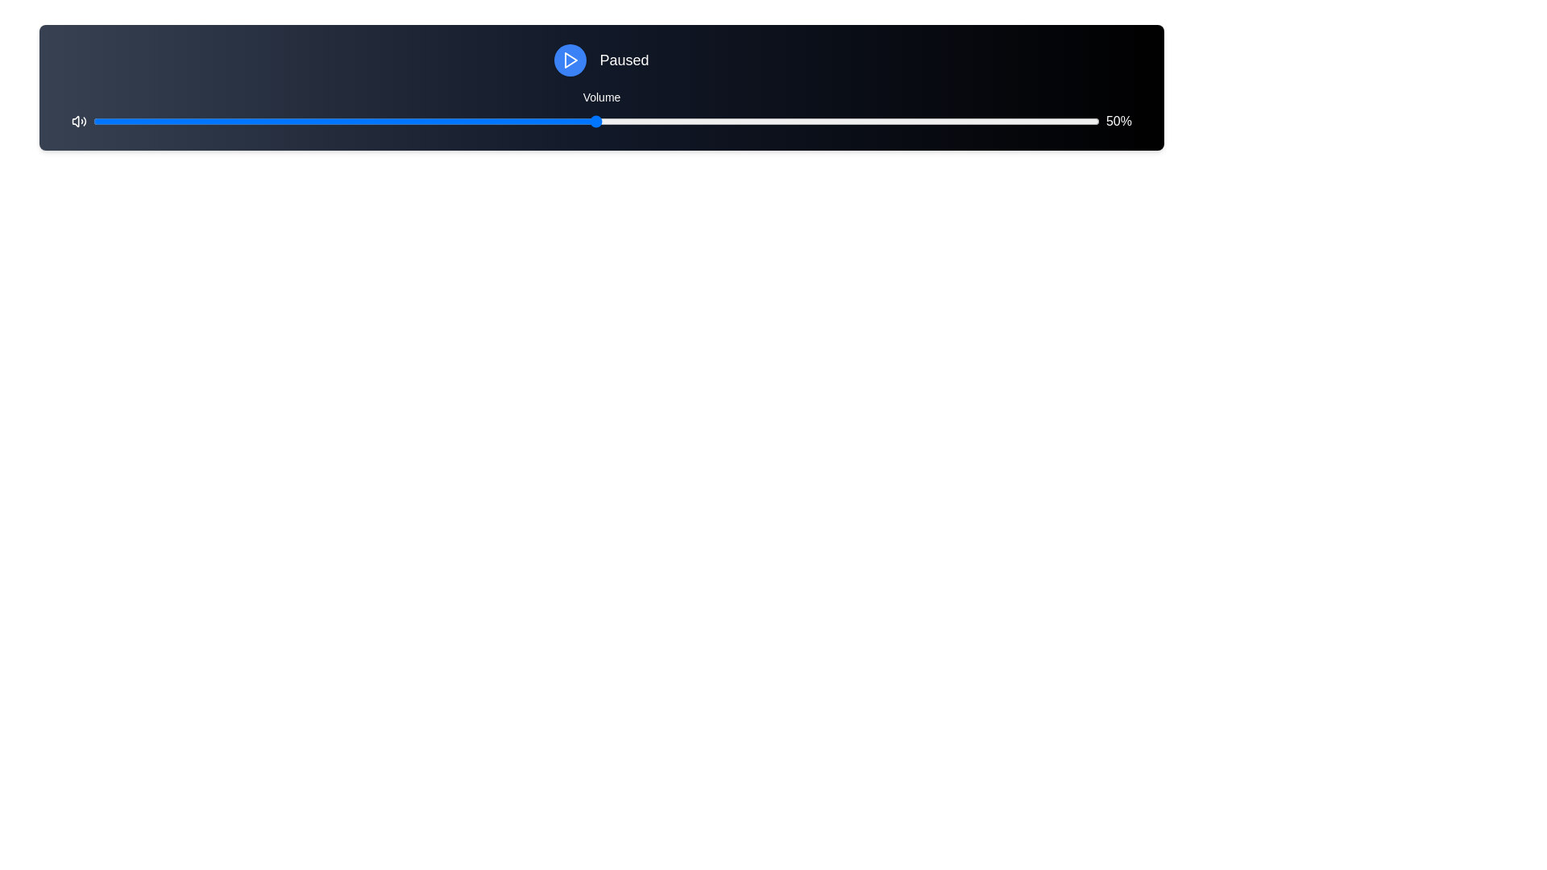 The width and height of the screenshot is (1547, 870). I want to click on the playback button located to the left of the 'Paused' text, so click(570, 59).